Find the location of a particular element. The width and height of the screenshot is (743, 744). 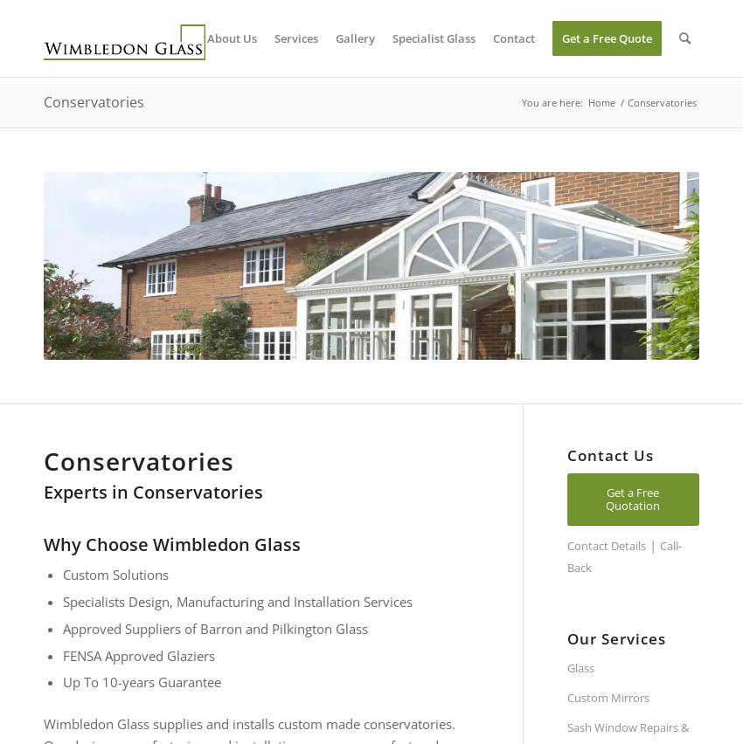

'Get a Free Quotation' is located at coordinates (633, 498).